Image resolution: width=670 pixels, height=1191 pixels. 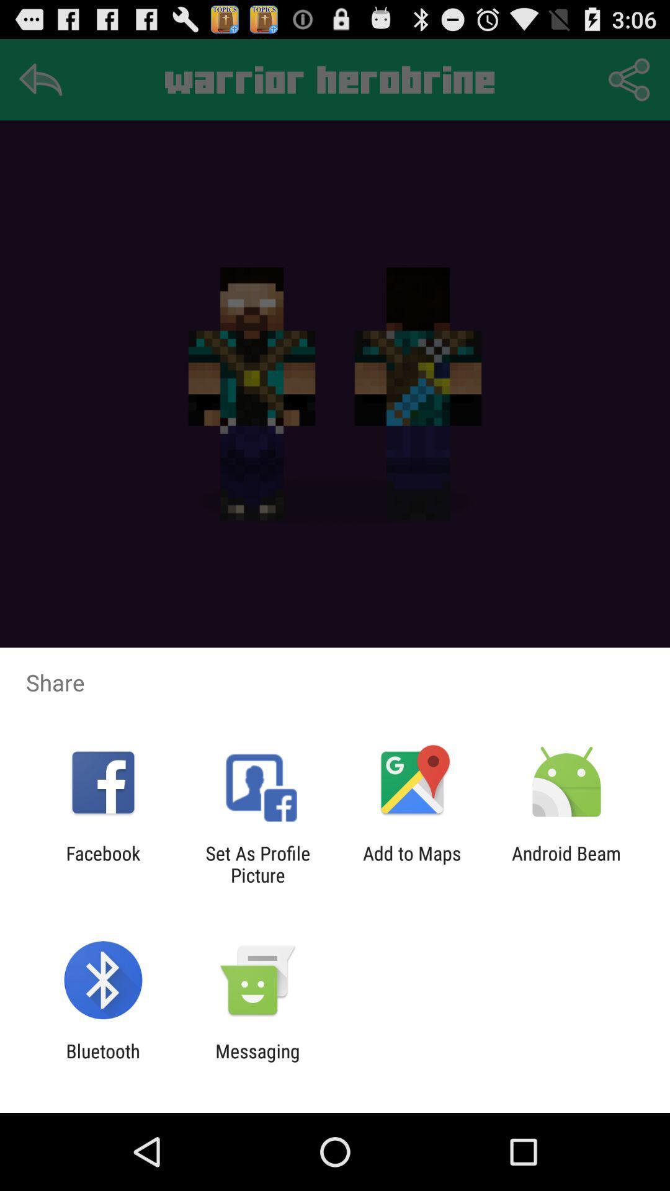 I want to click on item next to add to maps icon, so click(x=566, y=863).